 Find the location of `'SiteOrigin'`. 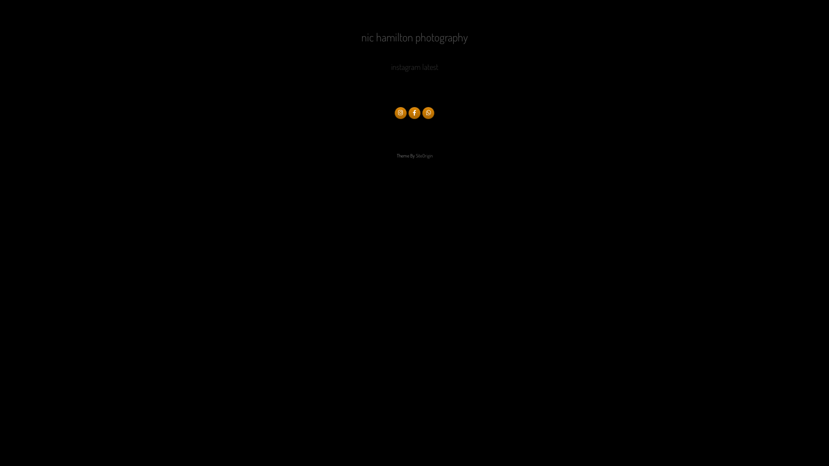

'SiteOrigin' is located at coordinates (424, 156).